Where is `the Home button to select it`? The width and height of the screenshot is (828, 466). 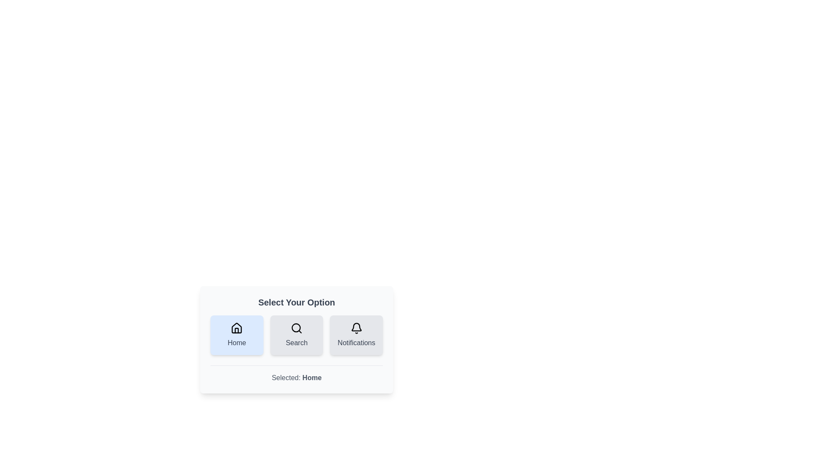
the Home button to select it is located at coordinates (237, 334).